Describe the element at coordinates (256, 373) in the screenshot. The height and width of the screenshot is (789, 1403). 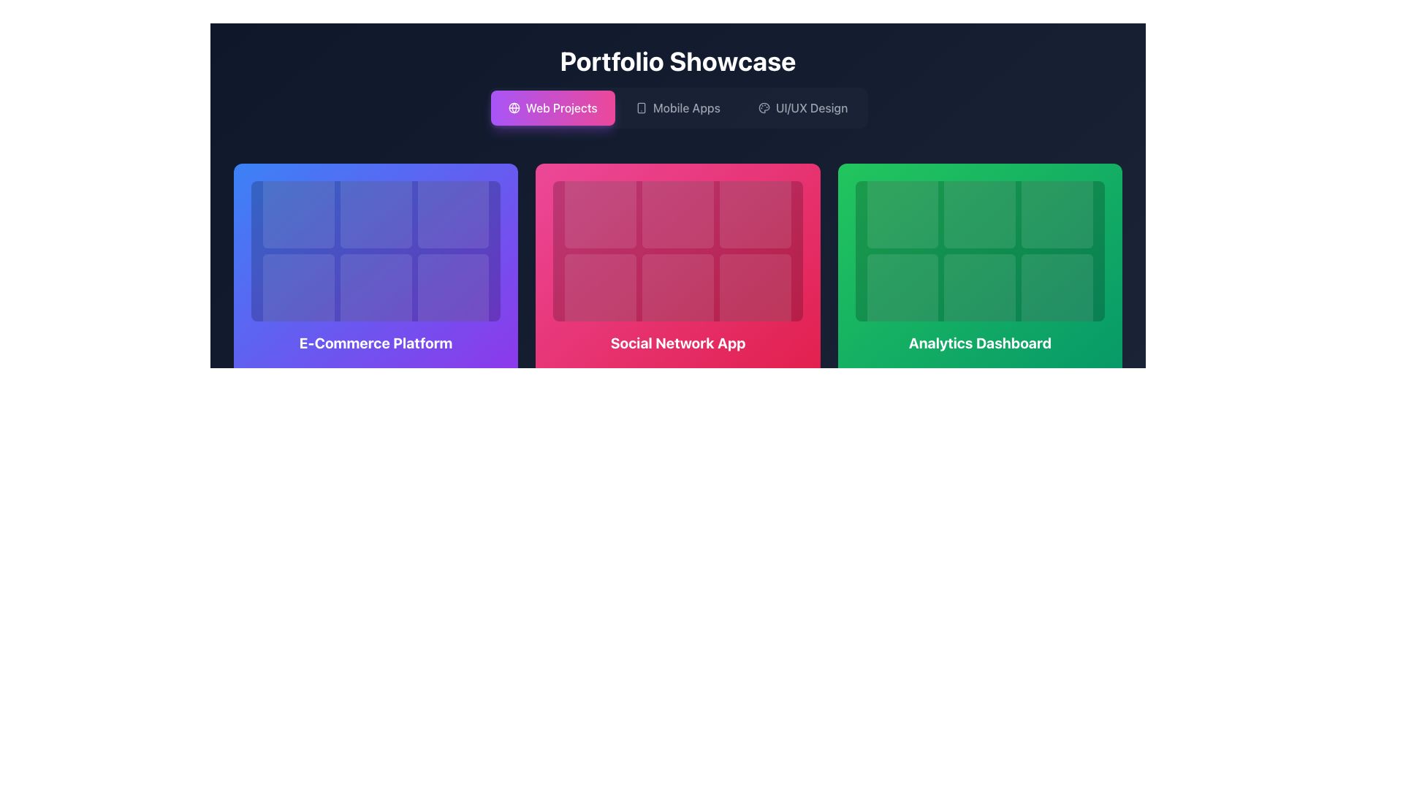
I see `the eye icon, which is part of the SVG graphical element indicating viewing capabilities, located at the bottom-left of the layout underneath the 'E-Commerce Platform' section` at that location.